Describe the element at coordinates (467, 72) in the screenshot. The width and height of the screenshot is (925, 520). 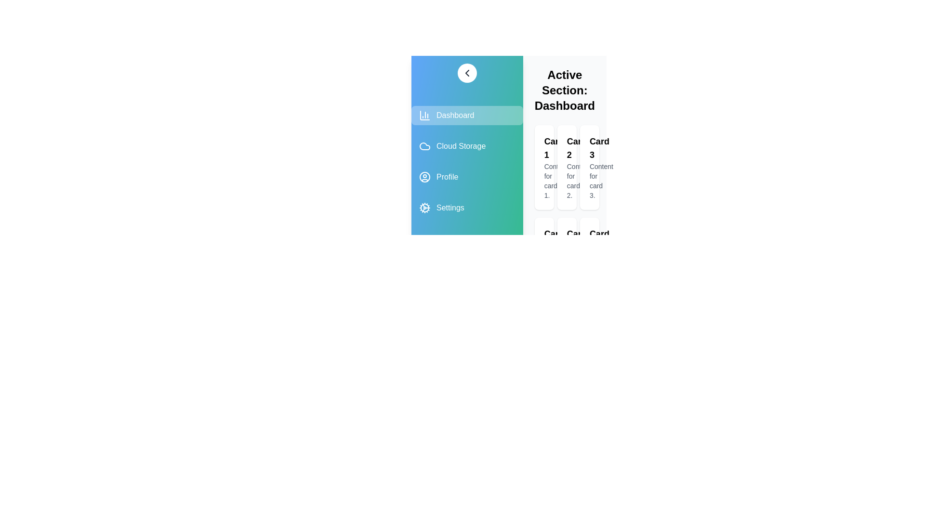
I see `the toggle button to toggle the sidebar drawer open or closed` at that location.